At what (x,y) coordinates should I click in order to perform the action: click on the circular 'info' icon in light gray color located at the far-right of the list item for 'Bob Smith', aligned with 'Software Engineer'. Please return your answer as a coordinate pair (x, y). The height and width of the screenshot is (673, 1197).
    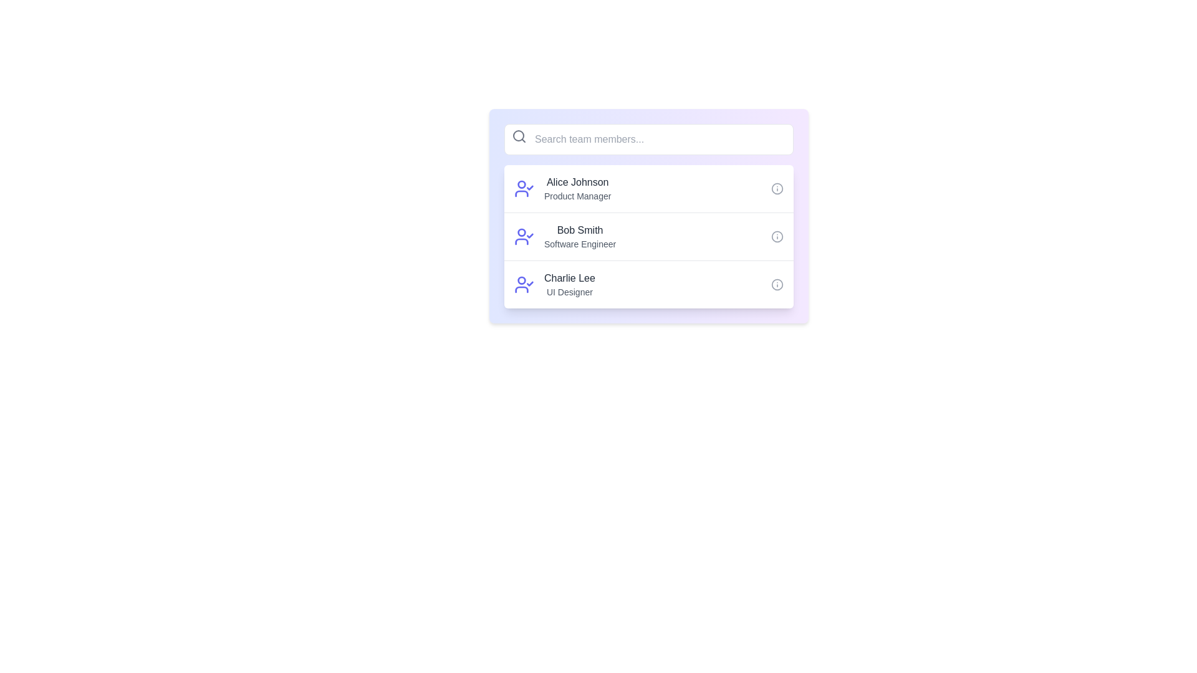
    Looking at the image, I should click on (777, 237).